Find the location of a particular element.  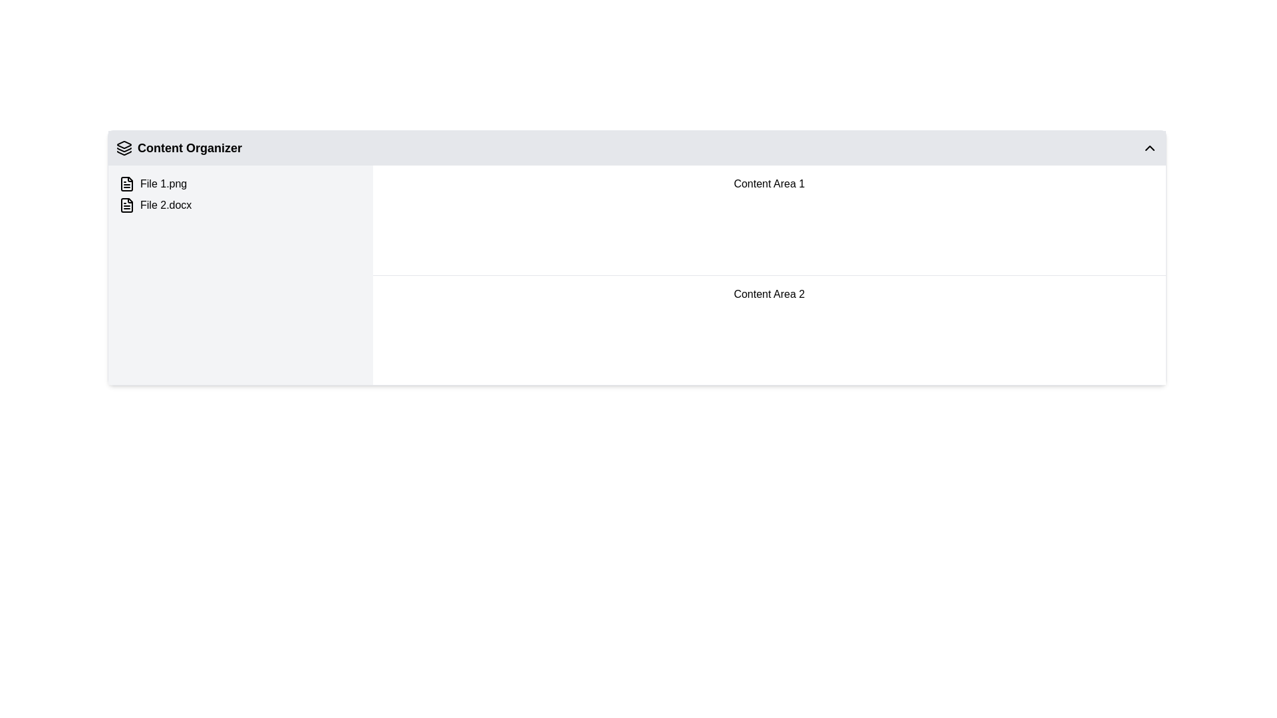

the decorative icon located to the left of the file name 'File 1.png' in the first row of the list of files is located at coordinates (127, 184).